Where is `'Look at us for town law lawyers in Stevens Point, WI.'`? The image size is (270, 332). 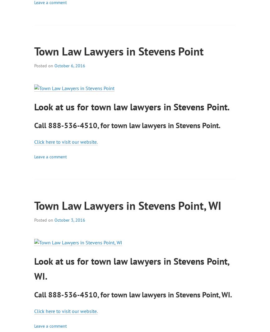 'Look at us for town law lawyers in Stevens Point, WI.' is located at coordinates (132, 268).